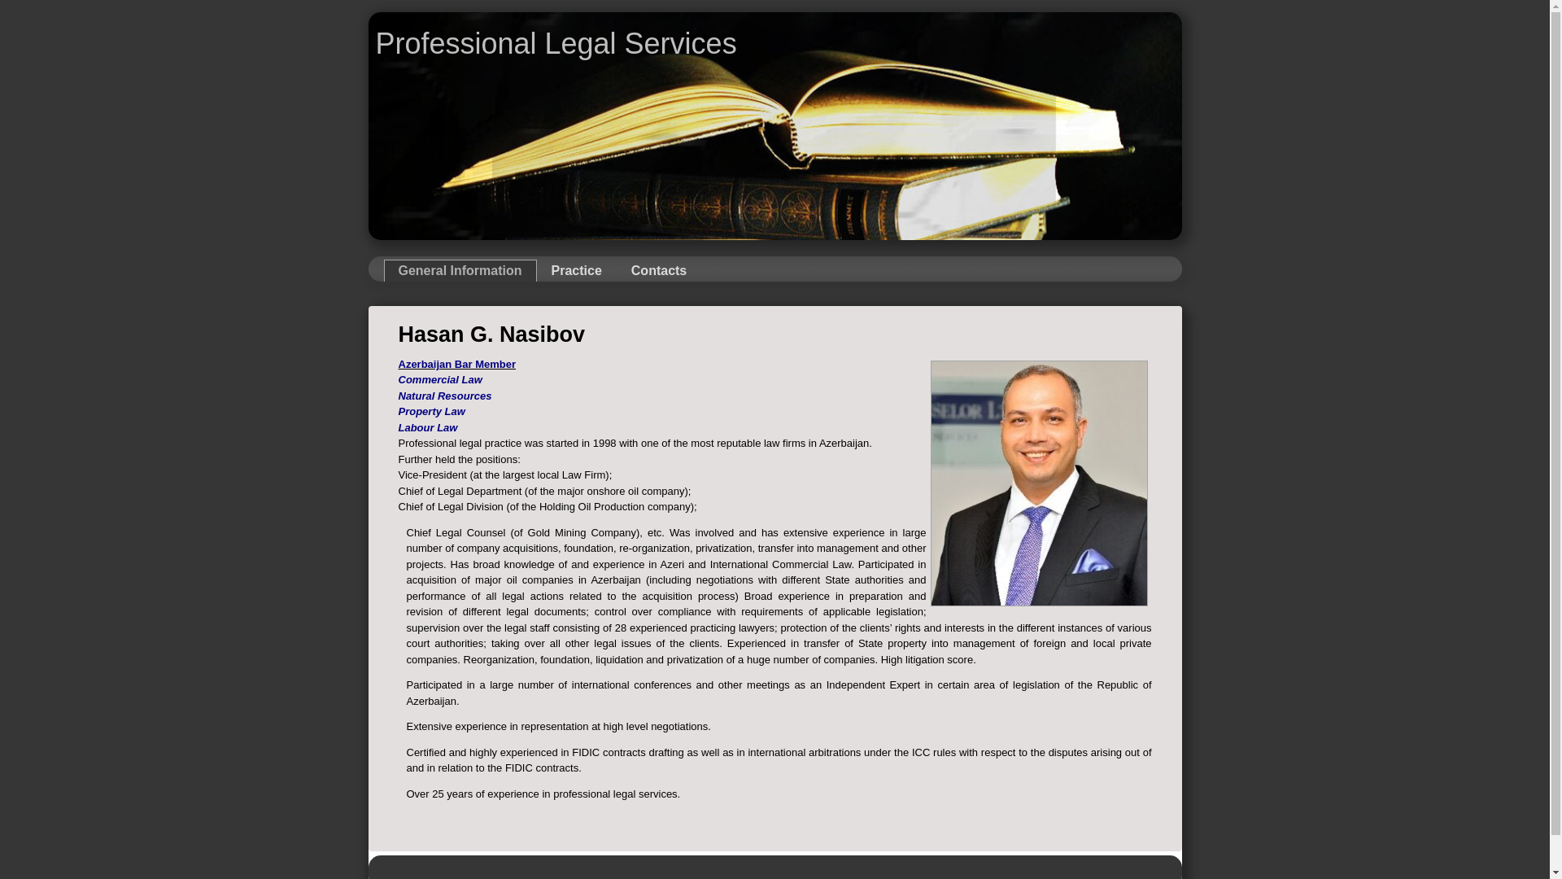 Image resolution: width=1562 pixels, height=879 pixels. I want to click on 'Practice', so click(577, 269).